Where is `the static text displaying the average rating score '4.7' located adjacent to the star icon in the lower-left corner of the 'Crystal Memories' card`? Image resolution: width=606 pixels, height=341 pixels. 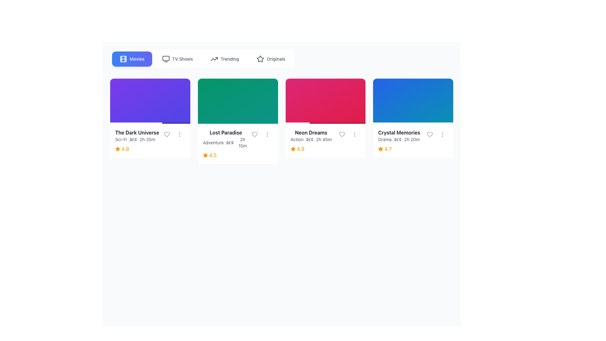 the static text displaying the average rating score '4.7' located adjacent to the star icon in the lower-left corner of the 'Crystal Memories' card is located at coordinates (388, 149).